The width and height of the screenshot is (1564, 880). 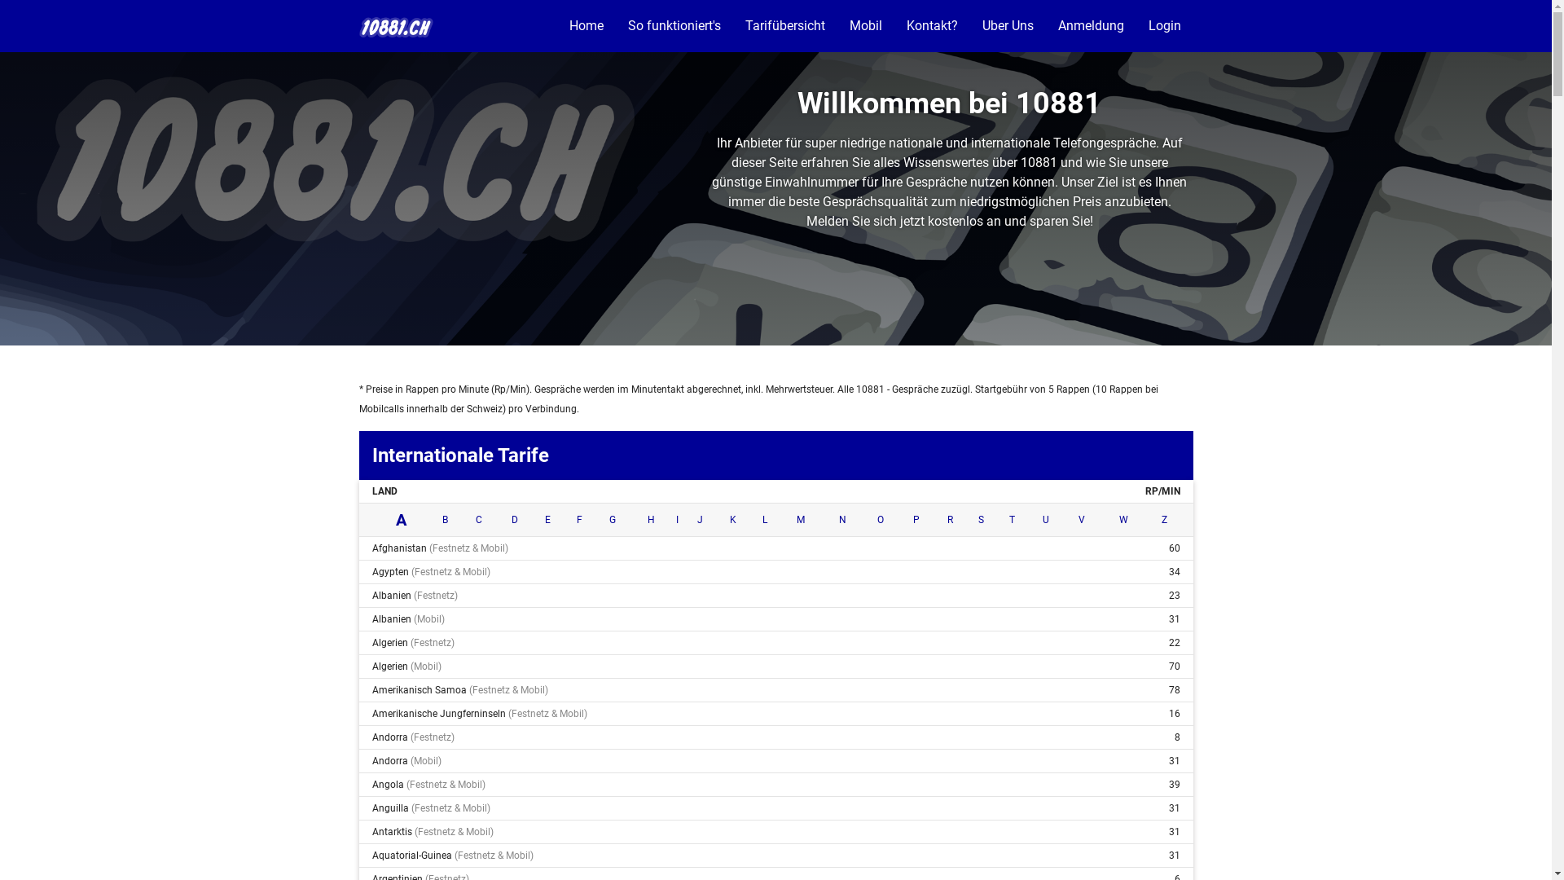 What do you see at coordinates (1011, 519) in the screenshot?
I see `'T'` at bounding box center [1011, 519].